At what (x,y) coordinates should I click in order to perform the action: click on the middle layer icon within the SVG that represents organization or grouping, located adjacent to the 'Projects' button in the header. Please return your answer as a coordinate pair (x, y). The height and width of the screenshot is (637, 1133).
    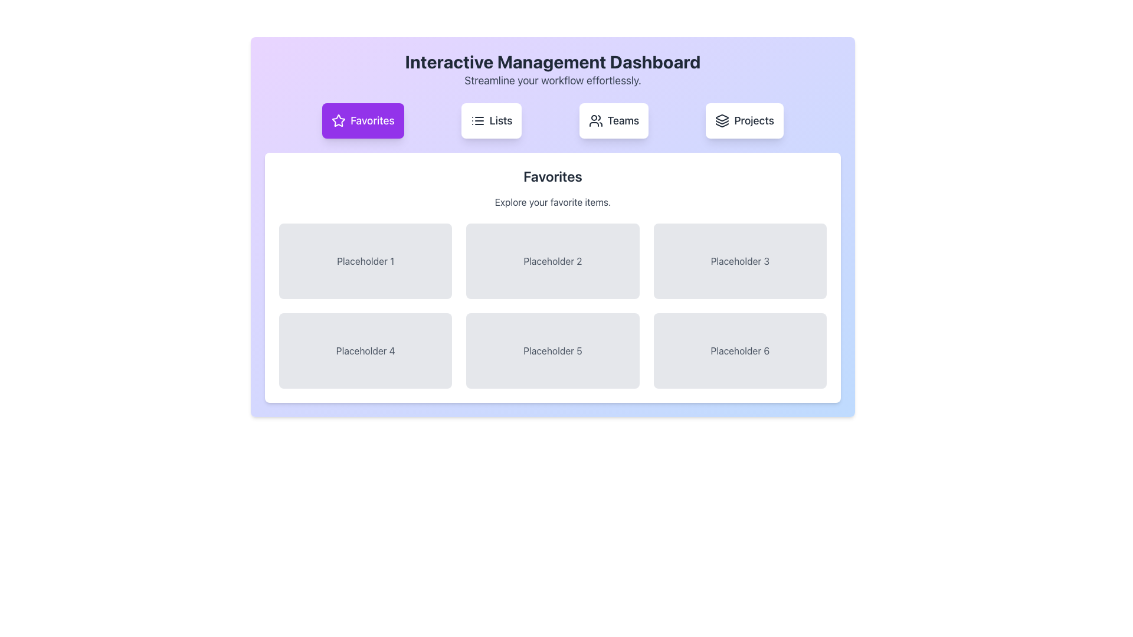
    Looking at the image, I should click on (722, 122).